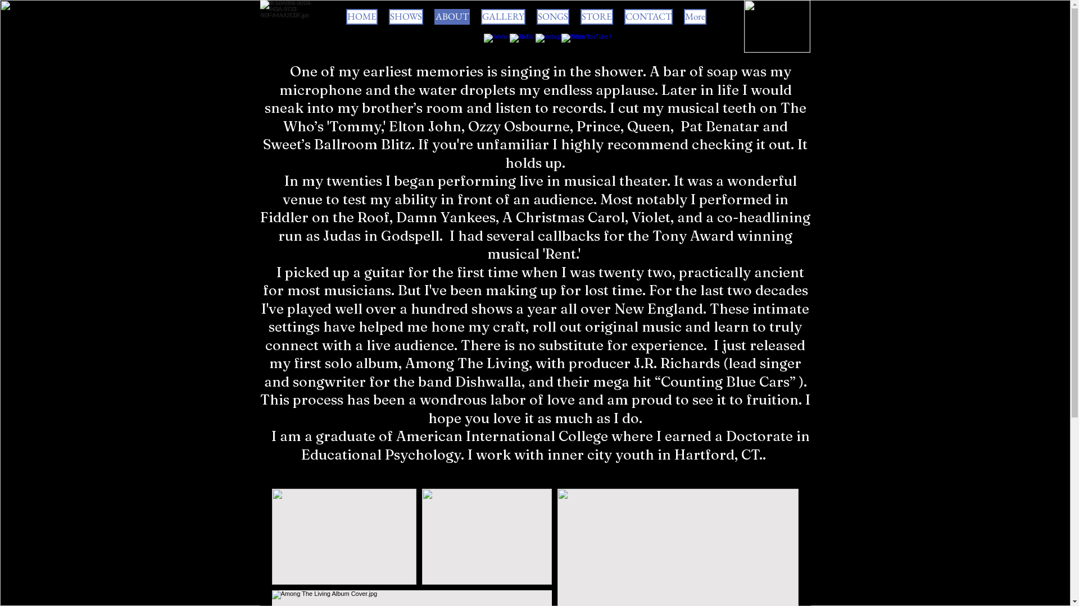 This screenshot has width=1079, height=606. I want to click on '3E58A896-0B04-443A-9733-469FA4AA2C0F.jpeg', so click(776, 25).